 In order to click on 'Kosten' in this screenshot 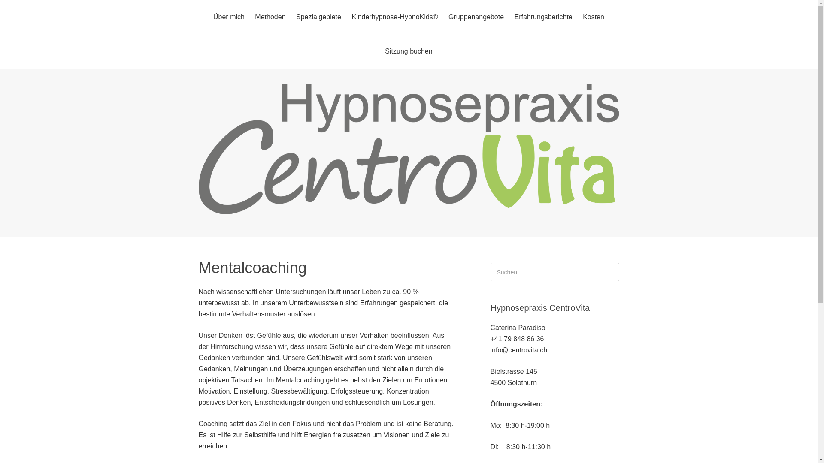, I will do `click(593, 17)`.